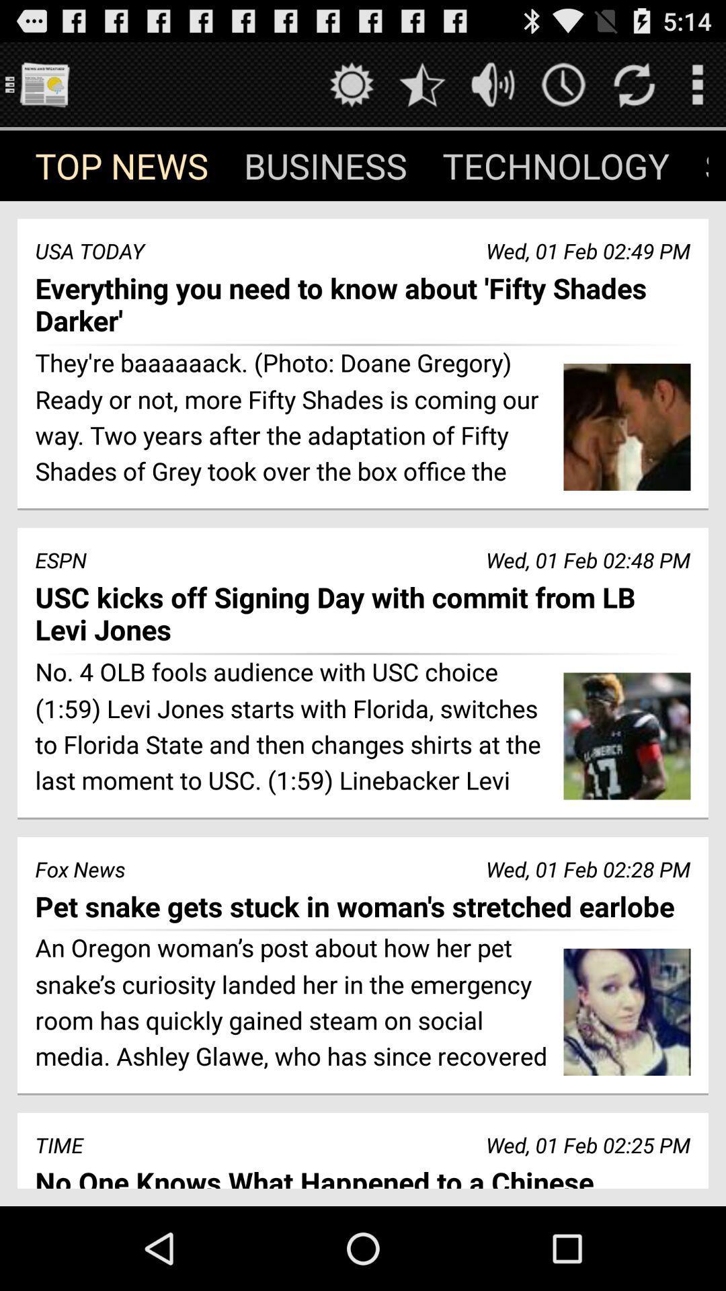 This screenshot has width=726, height=1291. What do you see at coordinates (351, 89) in the screenshot?
I see `the settings icon` at bounding box center [351, 89].